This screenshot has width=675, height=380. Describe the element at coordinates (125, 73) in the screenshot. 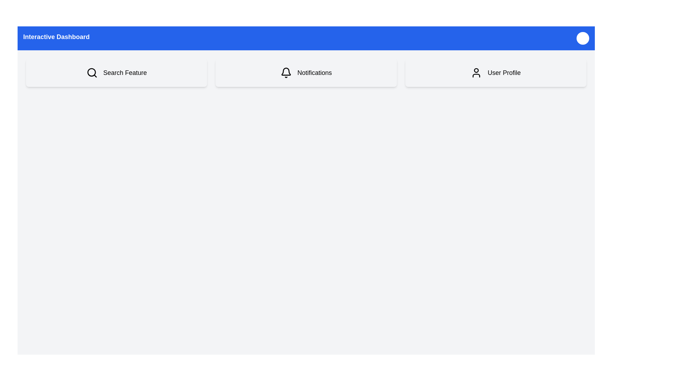

I see `the static text label that describes the purpose of the adjacent search functionality, located to the right of the magnifying glass icon` at that location.